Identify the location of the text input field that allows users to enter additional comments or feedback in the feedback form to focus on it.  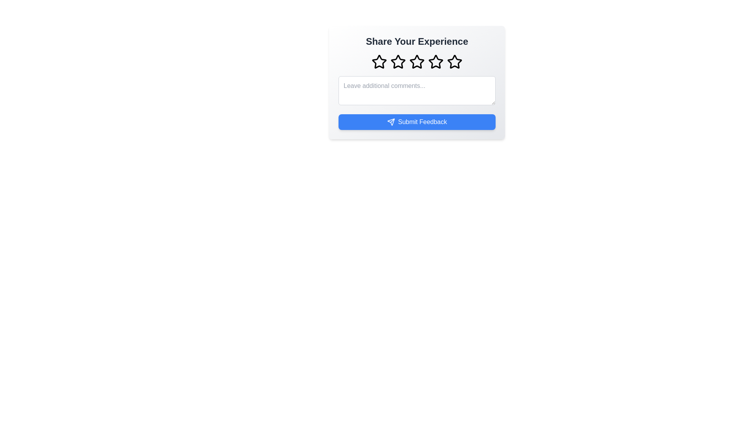
(416, 82).